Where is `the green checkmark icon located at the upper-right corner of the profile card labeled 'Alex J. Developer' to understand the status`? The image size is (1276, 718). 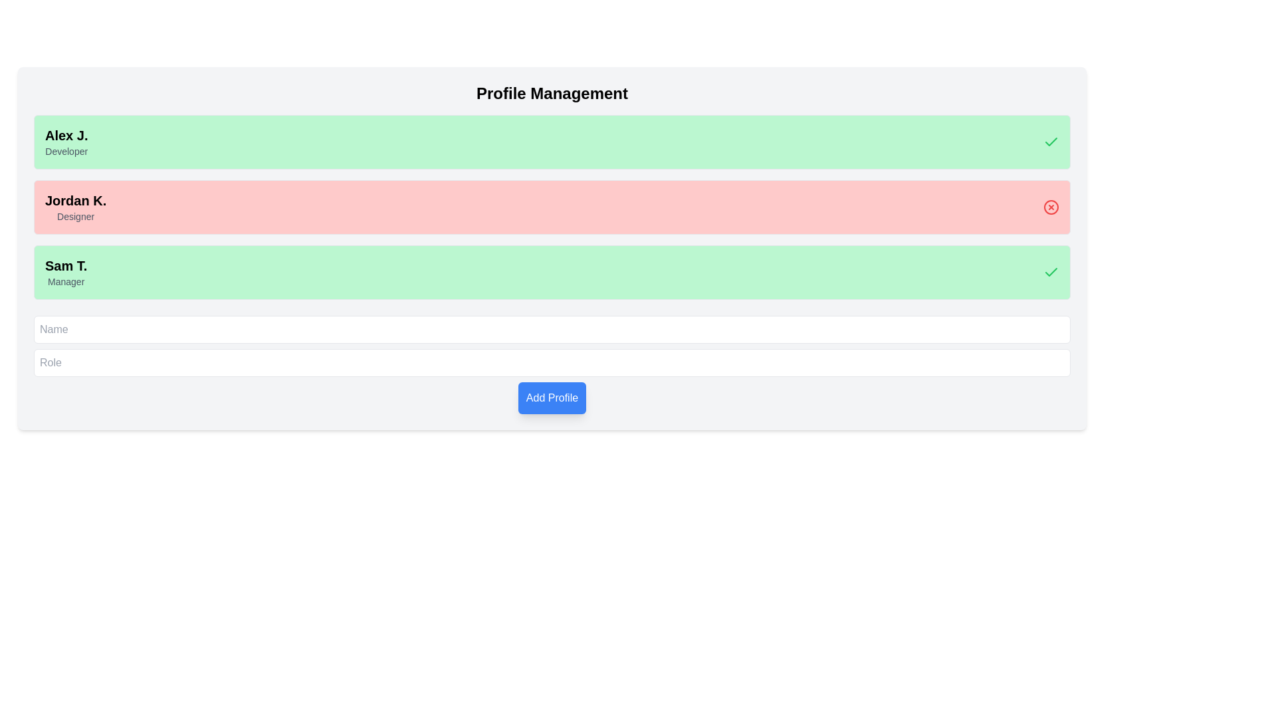
the green checkmark icon located at the upper-right corner of the profile card labeled 'Alex J. Developer' to understand the status is located at coordinates (1051, 142).